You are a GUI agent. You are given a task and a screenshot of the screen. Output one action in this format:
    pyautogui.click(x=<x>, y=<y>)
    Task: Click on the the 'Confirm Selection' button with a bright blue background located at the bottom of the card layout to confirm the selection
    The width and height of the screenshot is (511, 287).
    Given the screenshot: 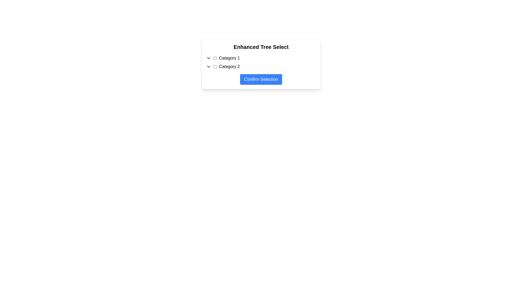 What is the action you would take?
    pyautogui.click(x=261, y=77)
    